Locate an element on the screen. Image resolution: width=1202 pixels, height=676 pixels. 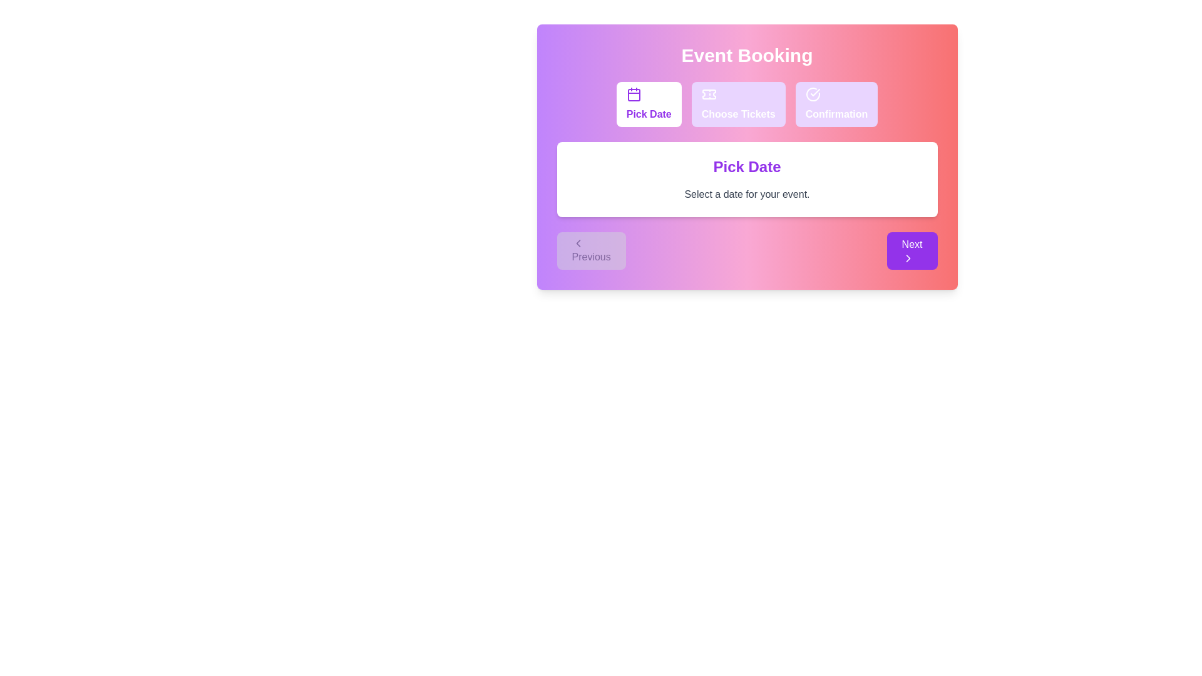
the 'Choose Tickets' label, which is displayed in bold font on a purple rectangle within the center button of a row of three buttons at the top of a booking interface is located at coordinates (738, 114).